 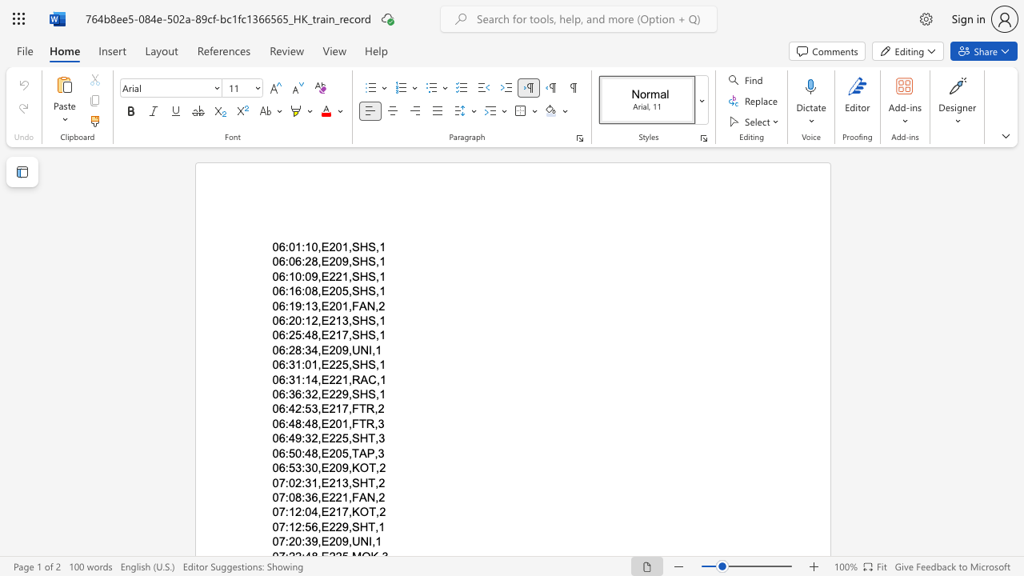 What do you see at coordinates (371, 349) in the screenshot?
I see `the space between the continuous character "I" and "," in the text` at bounding box center [371, 349].